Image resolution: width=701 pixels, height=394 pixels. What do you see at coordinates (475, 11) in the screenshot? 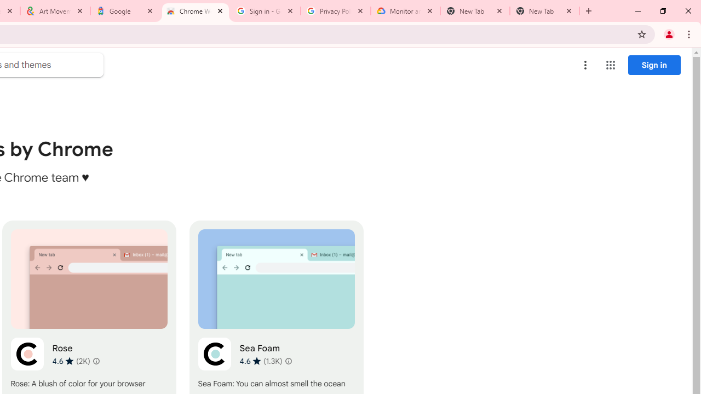
I see `'New Tab'` at bounding box center [475, 11].